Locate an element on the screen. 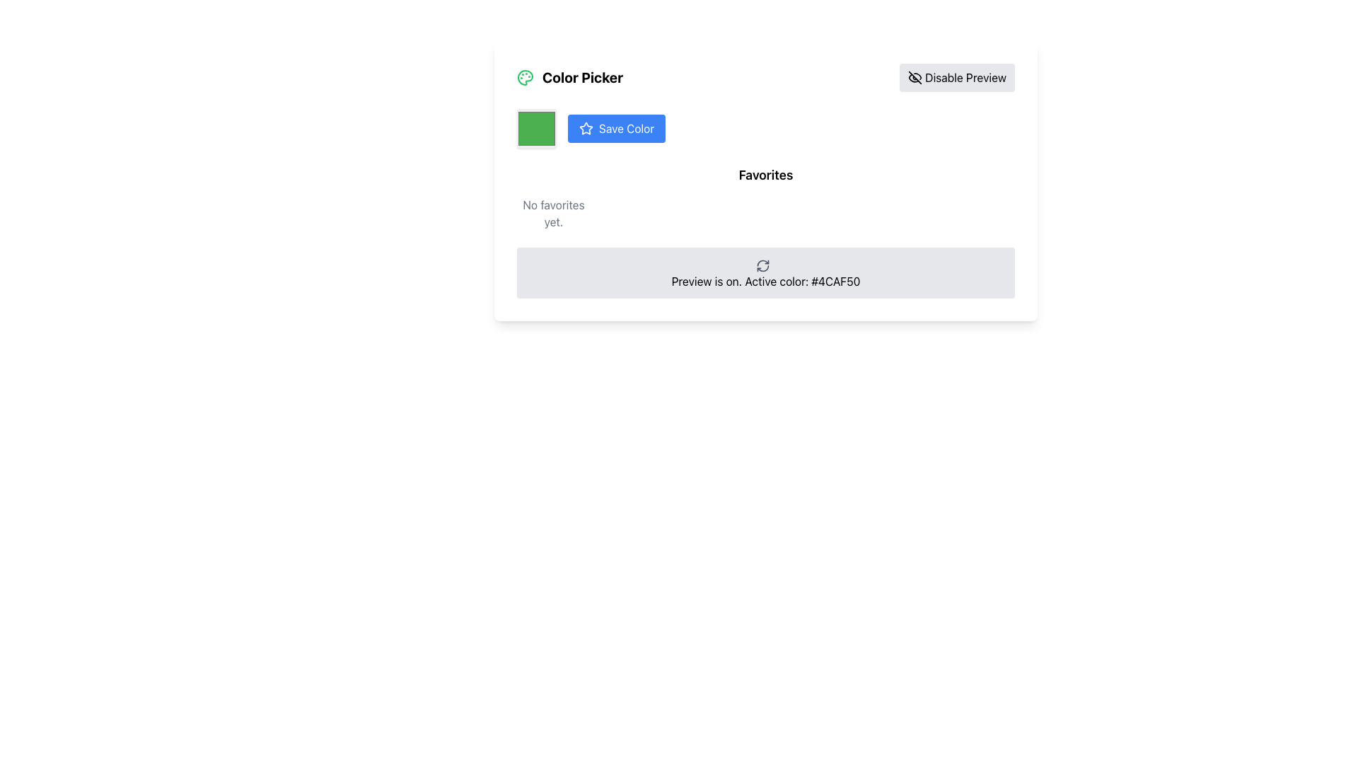 This screenshot has width=1358, height=764. the text label positioned to the right of the palette icon in the top-left section of the interface is located at coordinates (583, 78).